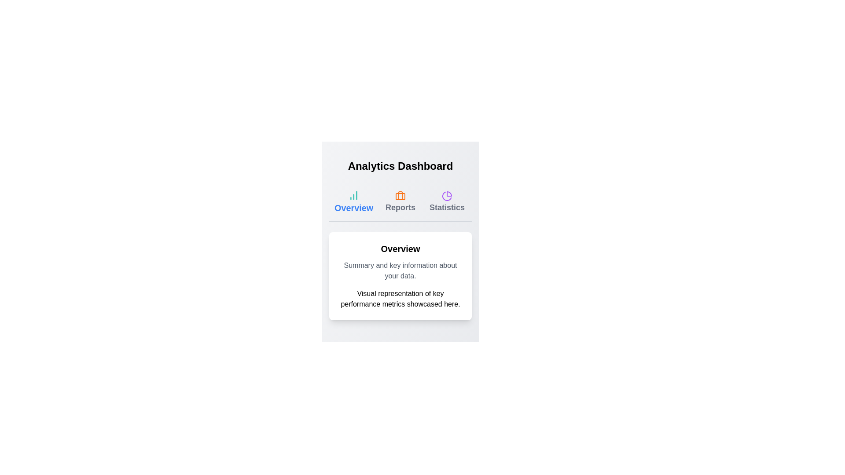 Image resolution: width=845 pixels, height=475 pixels. I want to click on the Statistics tab, so click(447, 202).